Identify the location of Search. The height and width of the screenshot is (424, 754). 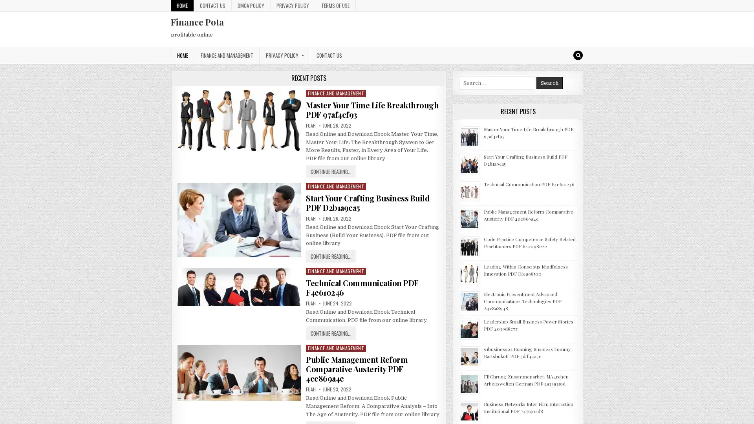
(549, 83).